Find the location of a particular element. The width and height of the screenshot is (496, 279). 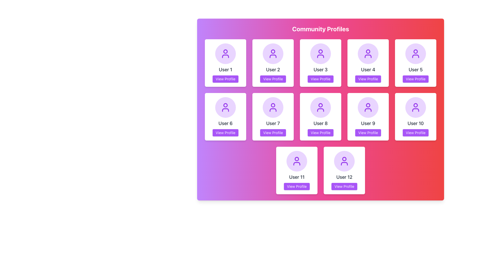

the text label displaying the username 'User 6' which is located in the second row and second column of the user profile grid, directly below the user avatar is located at coordinates (226, 123).